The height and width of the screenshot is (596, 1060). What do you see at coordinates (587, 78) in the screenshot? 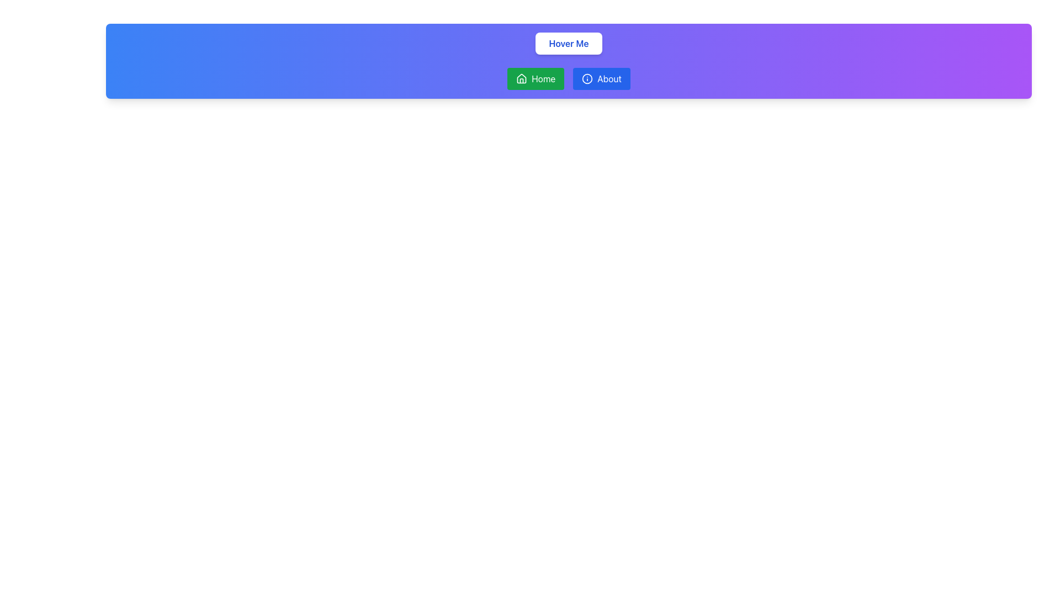
I see `the SVG circle element within the 'About' button located to the right of the 'Home' button in the top navigation bar` at bounding box center [587, 78].